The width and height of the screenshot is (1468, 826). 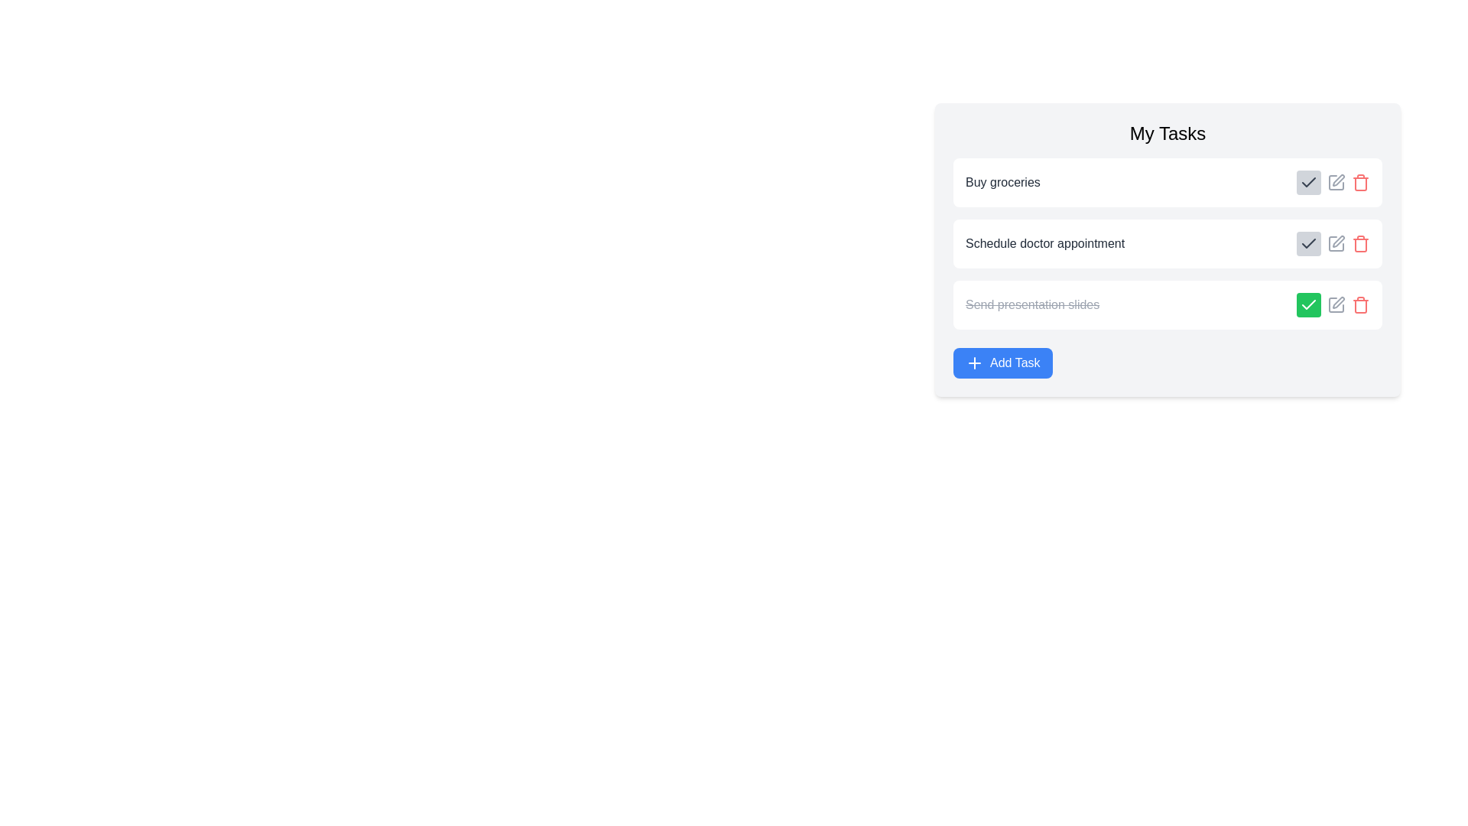 I want to click on delete button for the task identified by Schedule doctor appointment, so click(x=1361, y=243).